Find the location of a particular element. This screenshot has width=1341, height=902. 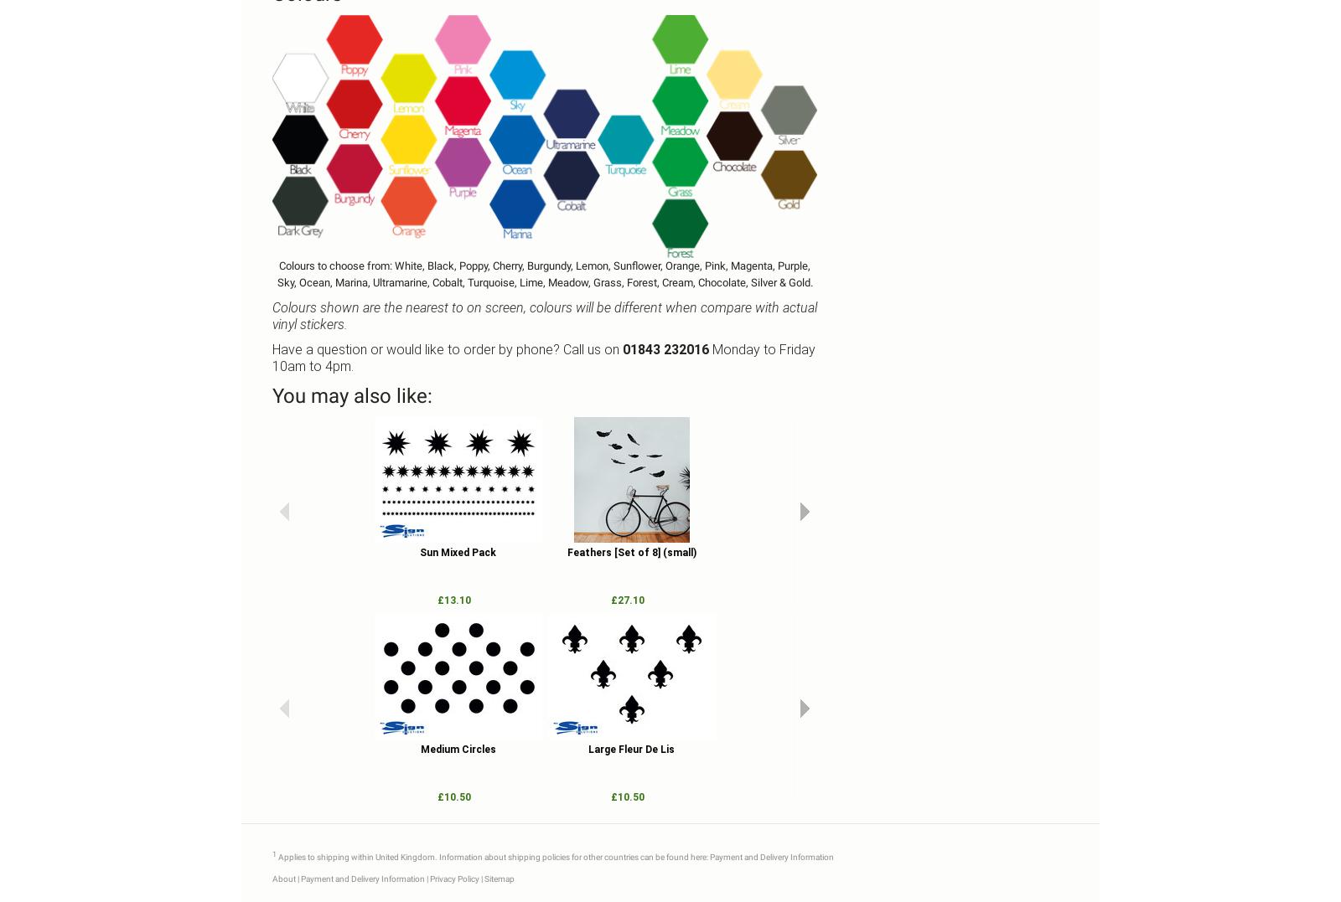

'Monday to Friday 10am to 4pm.' is located at coordinates (543, 356).